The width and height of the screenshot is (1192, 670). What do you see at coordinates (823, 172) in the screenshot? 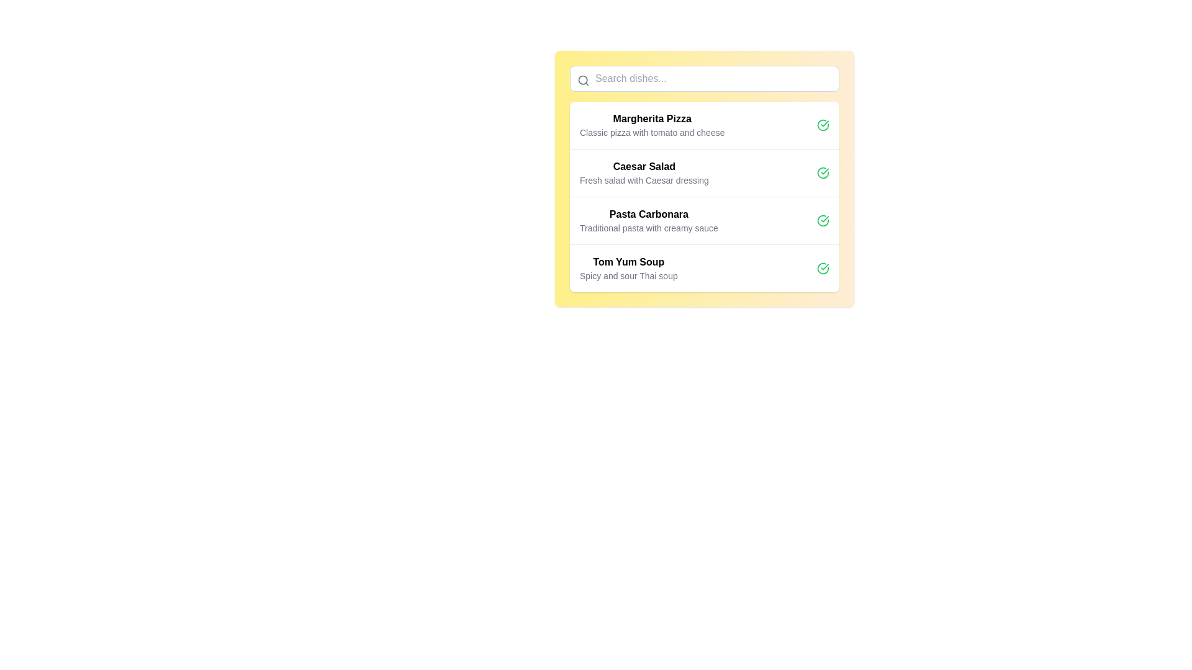
I see `the circular green icon with a checkmark indicating approval, located at the far-right end of the 'Caesar Salad' row` at bounding box center [823, 172].